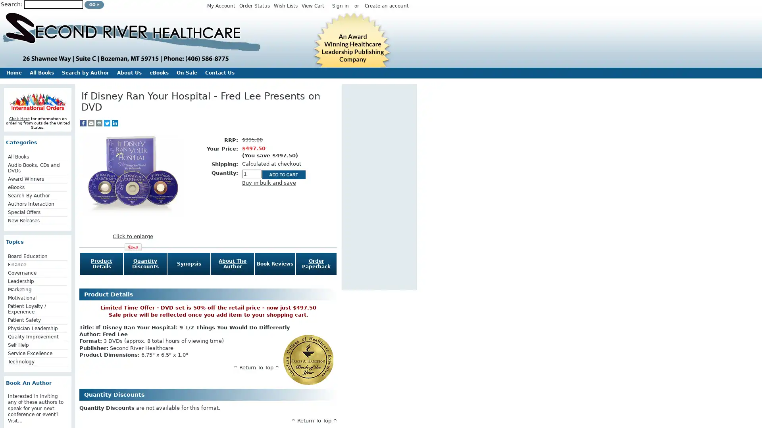  What do you see at coordinates (94, 4) in the screenshot?
I see `Submit` at bounding box center [94, 4].